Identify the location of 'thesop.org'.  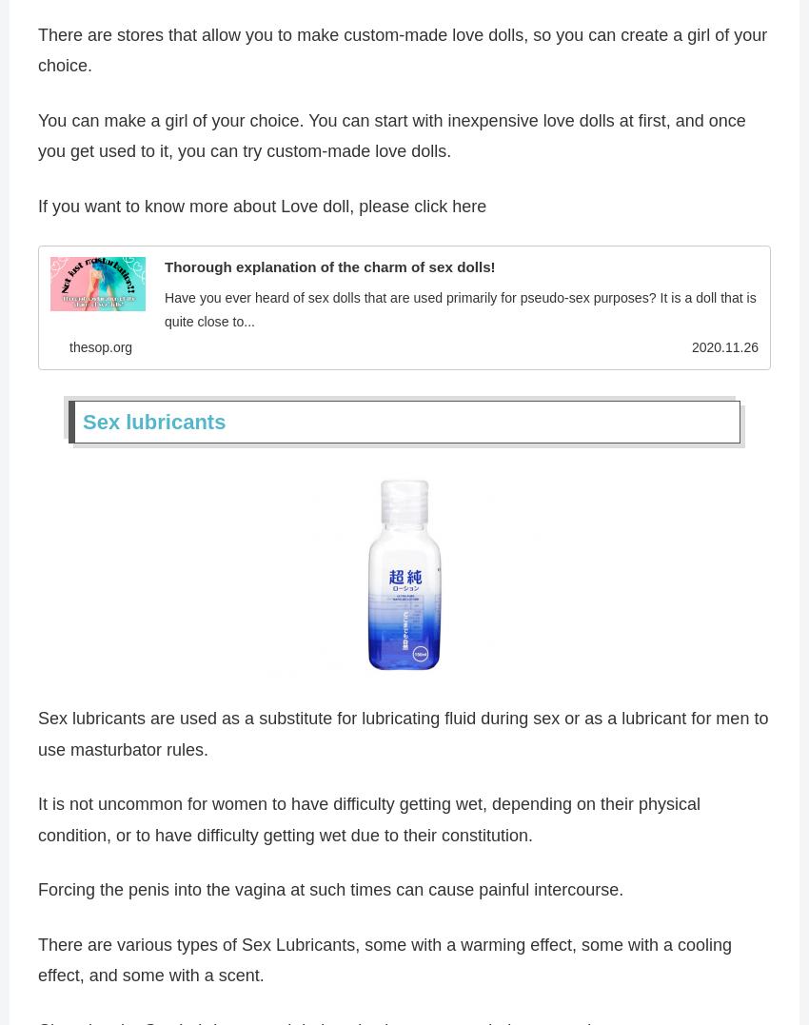
(99, 349).